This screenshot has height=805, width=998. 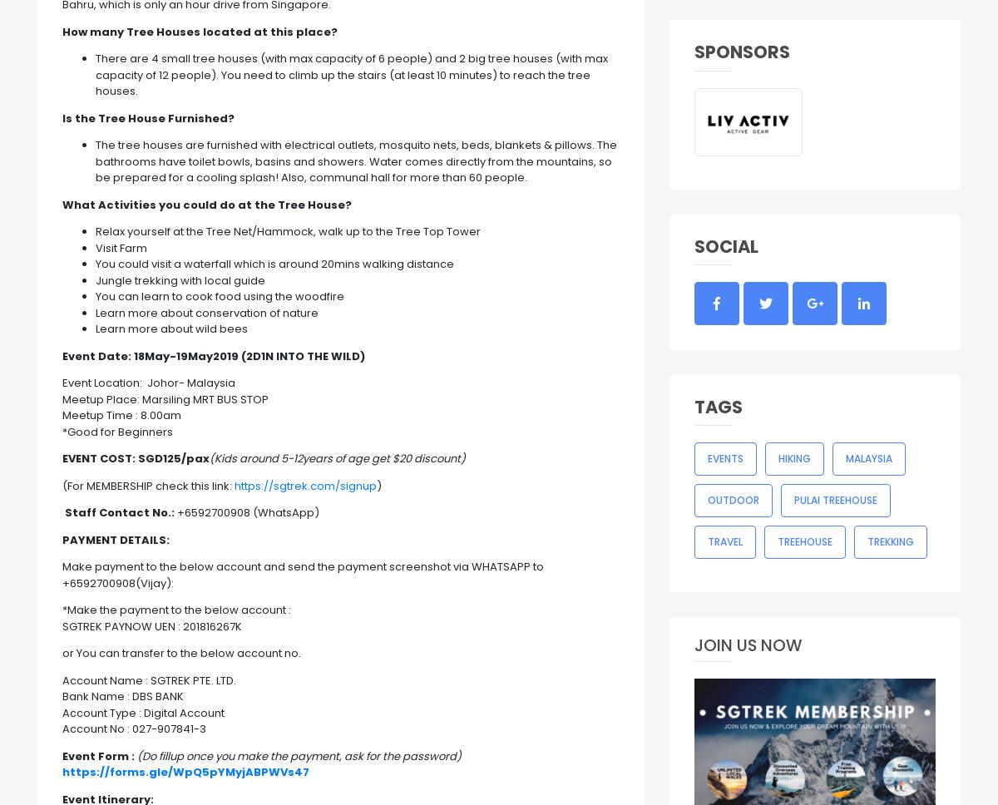 What do you see at coordinates (199, 31) in the screenshot?
I see `'How many Tree Houses located at this place?'` at bounding box center [199, 31].